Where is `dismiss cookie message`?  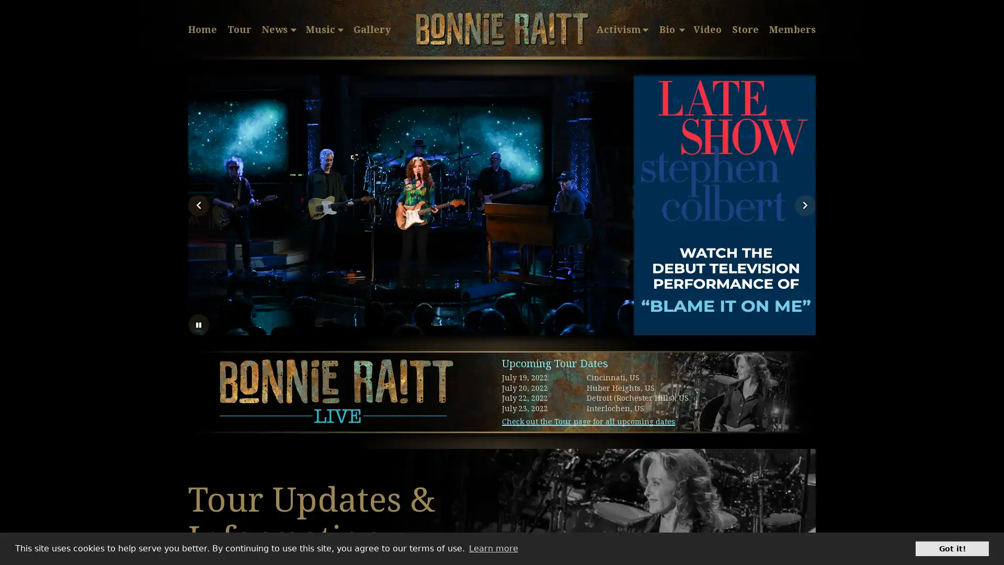
dismiss cookie message is located at coordinates (952, 548).